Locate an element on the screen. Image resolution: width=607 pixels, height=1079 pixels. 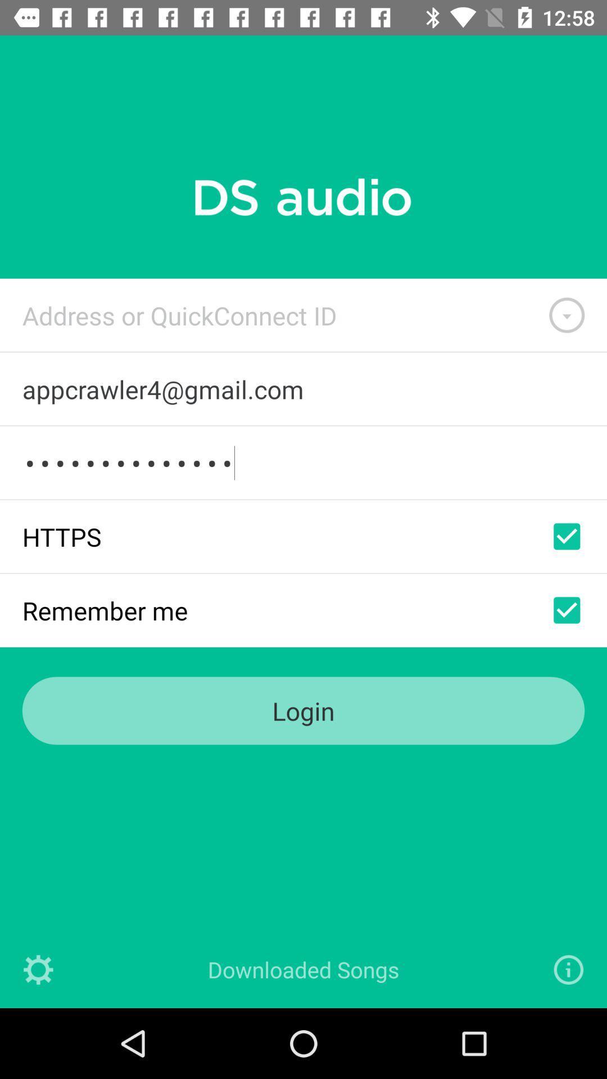
the information option is located at coordinates (568, 969).